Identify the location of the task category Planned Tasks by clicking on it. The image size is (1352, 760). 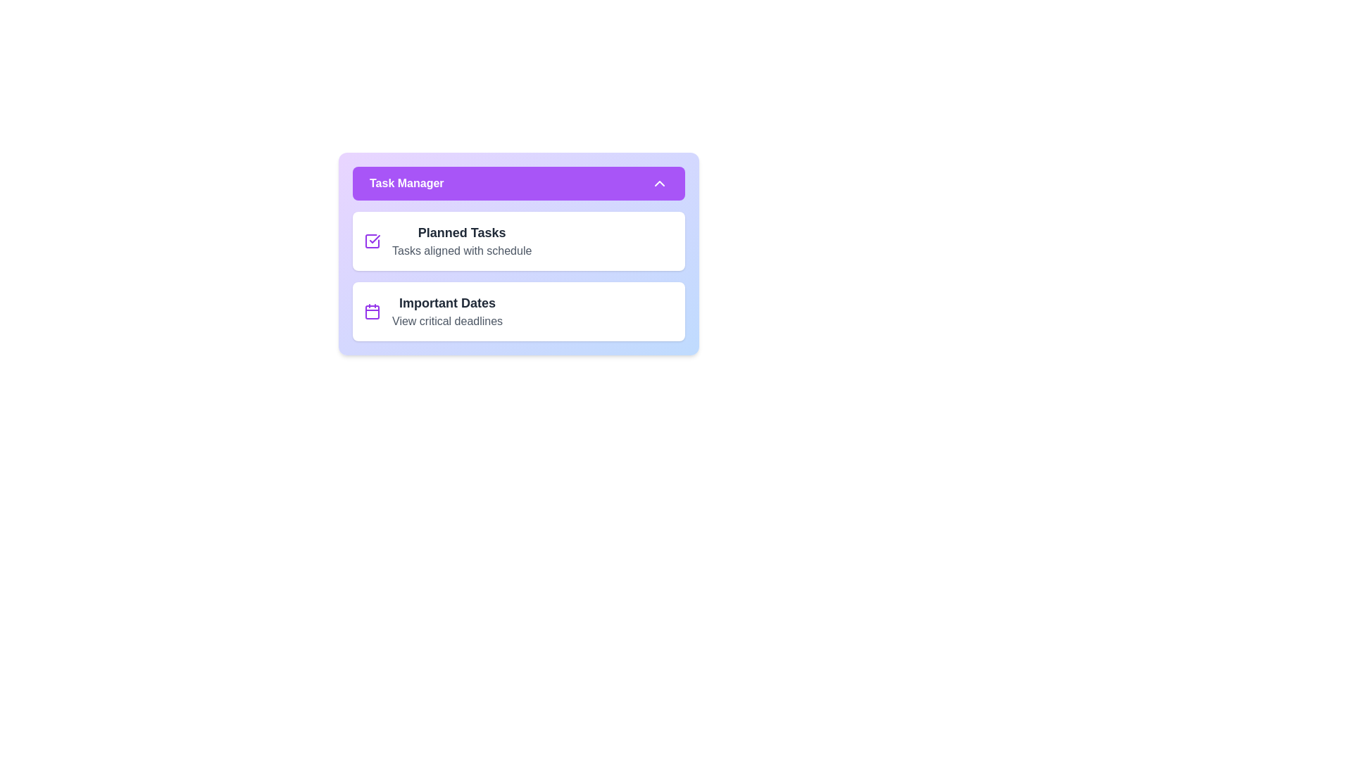
(518, 241).